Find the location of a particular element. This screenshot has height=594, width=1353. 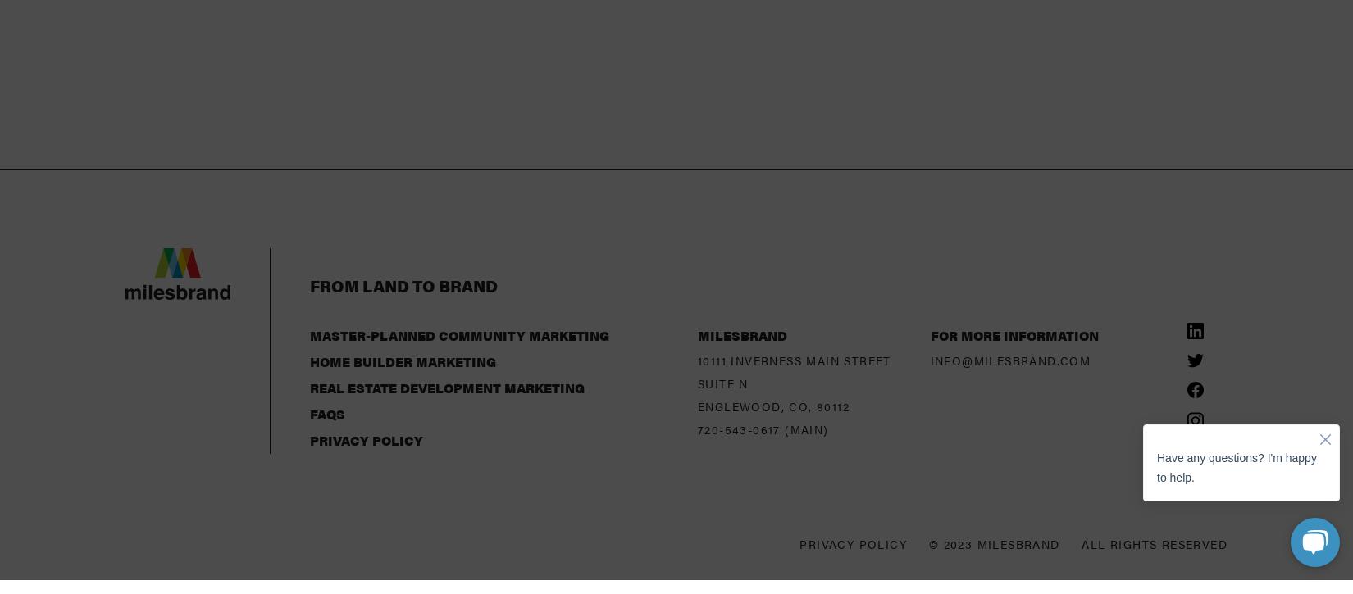

'10111 Inverness Main Street' is located at coordinates (794, 230).